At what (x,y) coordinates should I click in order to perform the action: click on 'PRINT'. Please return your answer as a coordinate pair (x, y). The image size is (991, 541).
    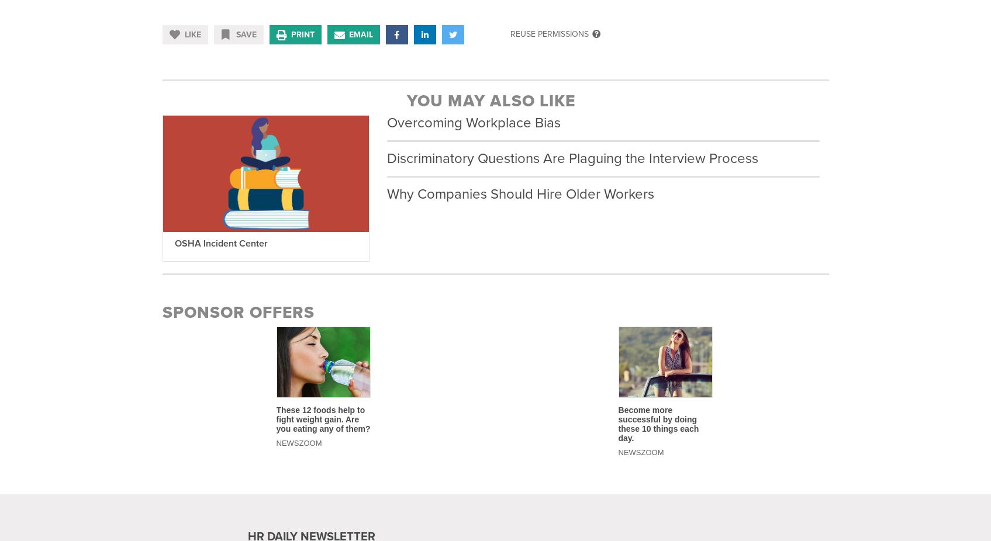
    Looking at the image, I should click on (301, 34).